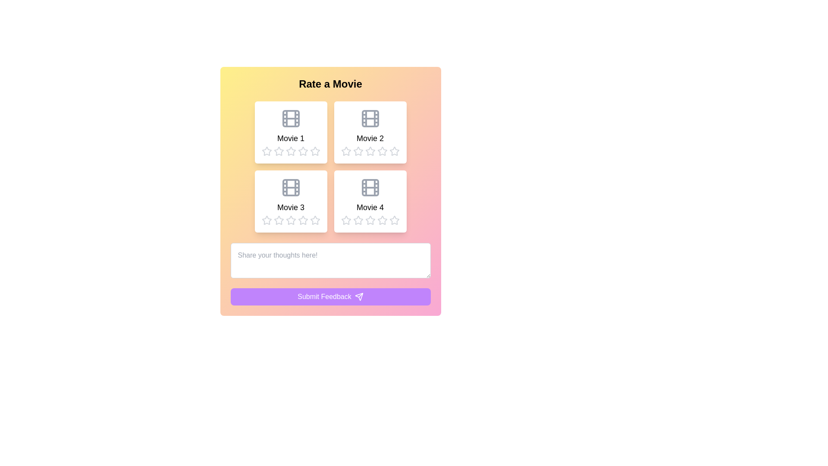 The image size is (828, 466). Describe the element at coordinates (266, 151) in the screenshot. I see `the first unselected star icon in the rating system beneath 'Movie 1' to set a rating` at that location.